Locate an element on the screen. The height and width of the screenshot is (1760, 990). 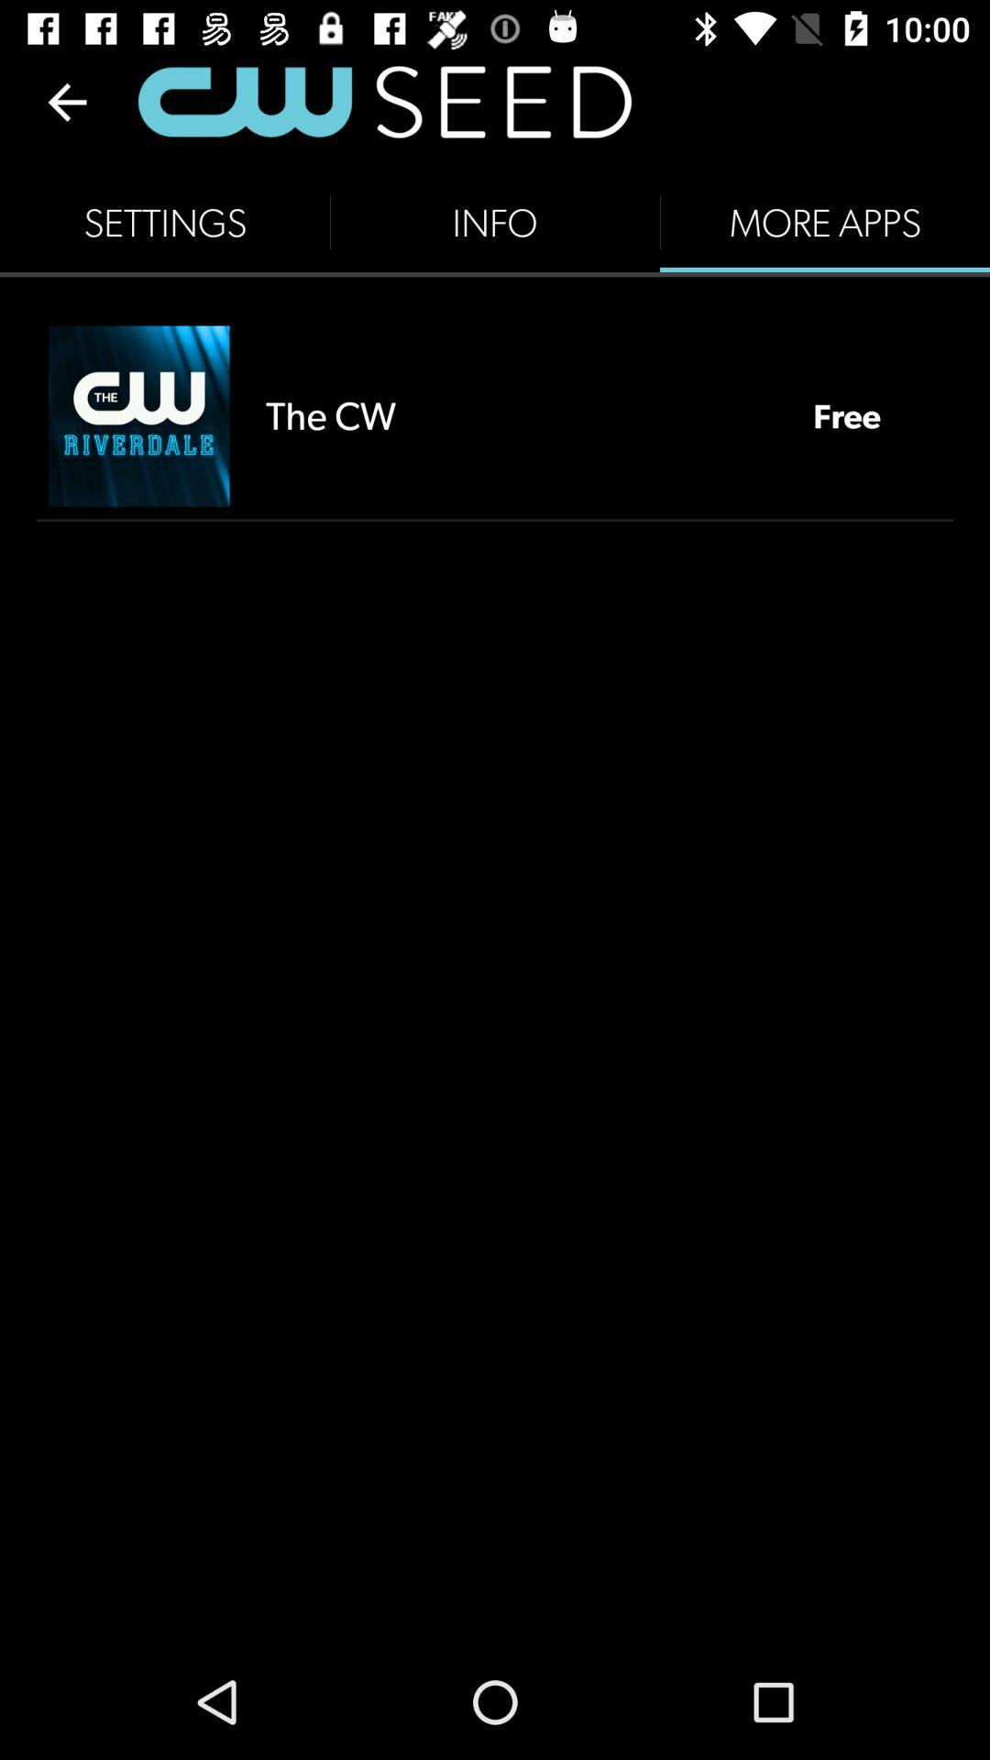
item to the left of the free is located at coordinates (521, 414).